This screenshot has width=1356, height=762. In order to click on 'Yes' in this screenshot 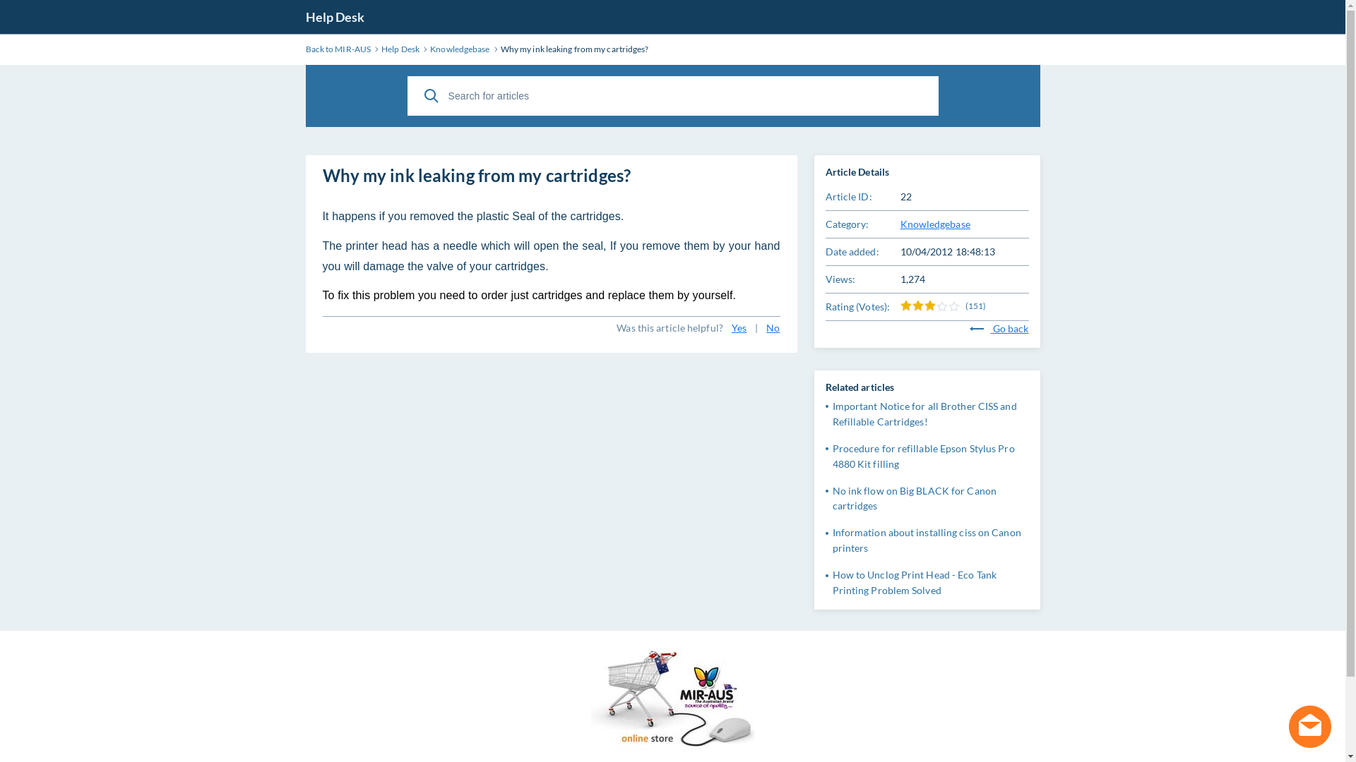, I will do `click(738, 328)`.